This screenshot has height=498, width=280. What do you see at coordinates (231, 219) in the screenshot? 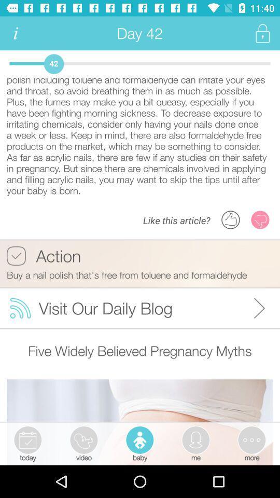
I see `like this article` at bounding box center [231, 219].